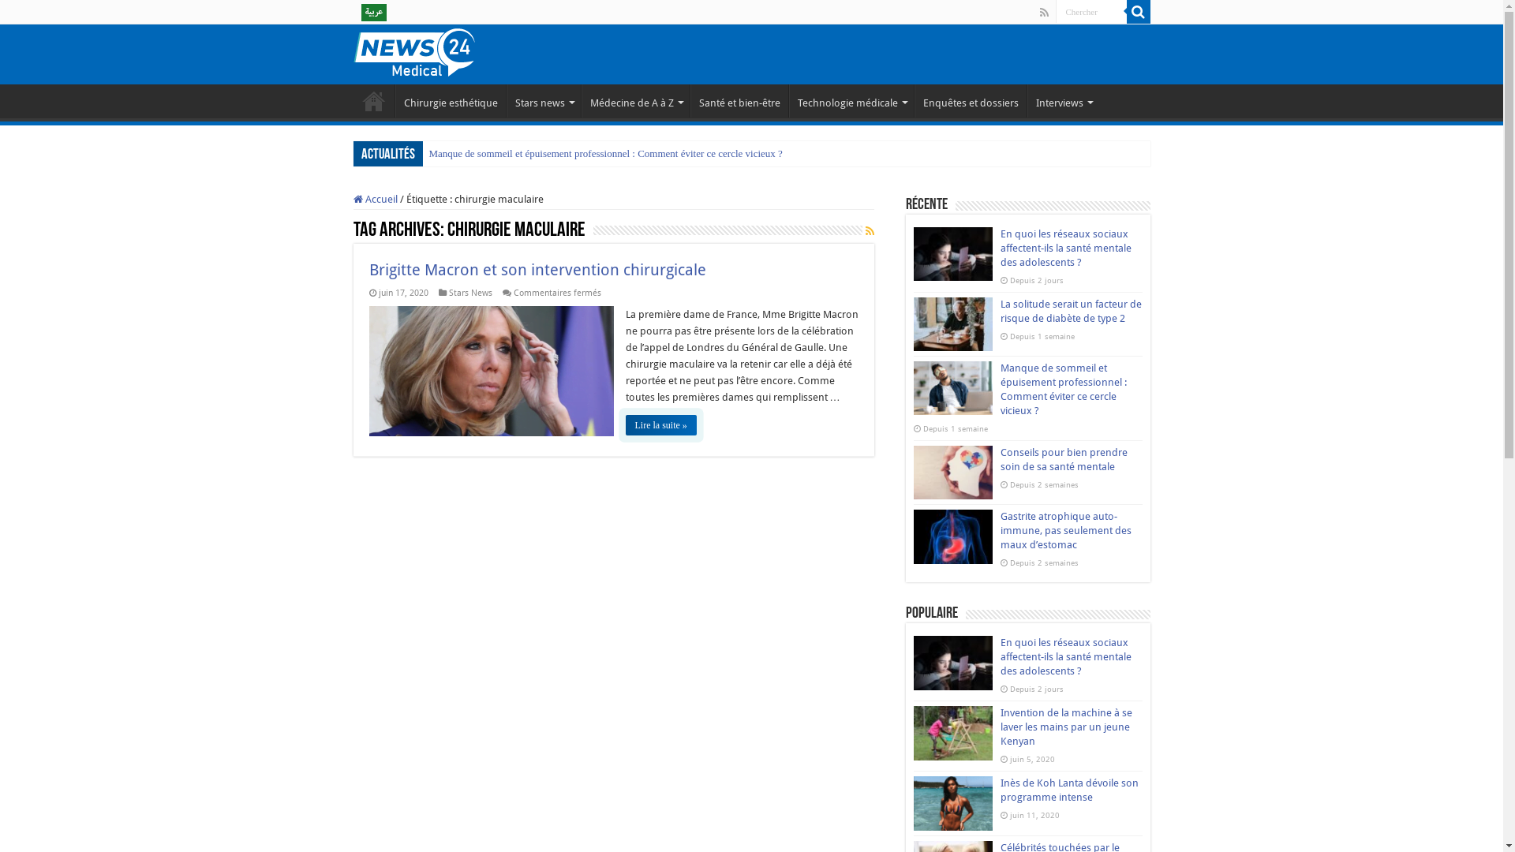 The image size is (1515, 852). Describe the element at coordinates (544, 100) in the screenshot. I see `'Stars news'` at that location.